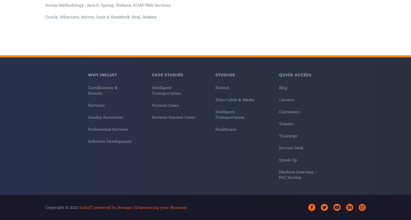 This screenshot has width=411, height=220. What do you see at coordinates (298, 174) in the screenshot?
I see `'Machine Learning – PoC Service'` at bounding box center [298, 174].